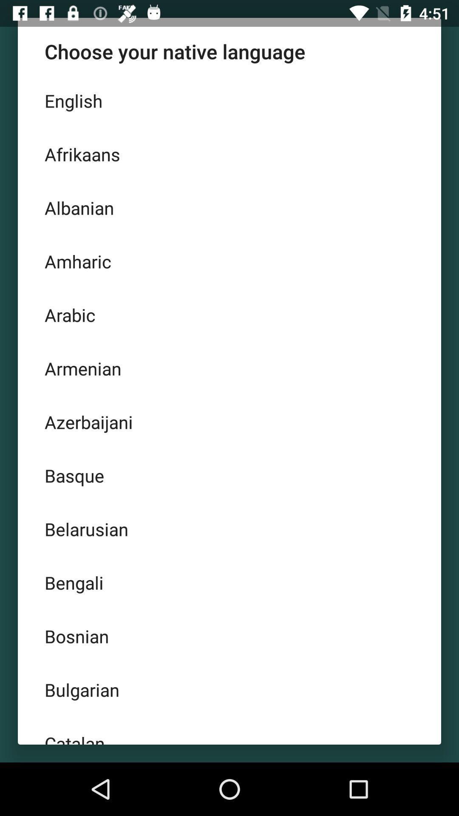  What do you see at coordinates (229, 636) in the screenshot?
I see `the icon above the bulgarian` at bounding box center [229, 636].